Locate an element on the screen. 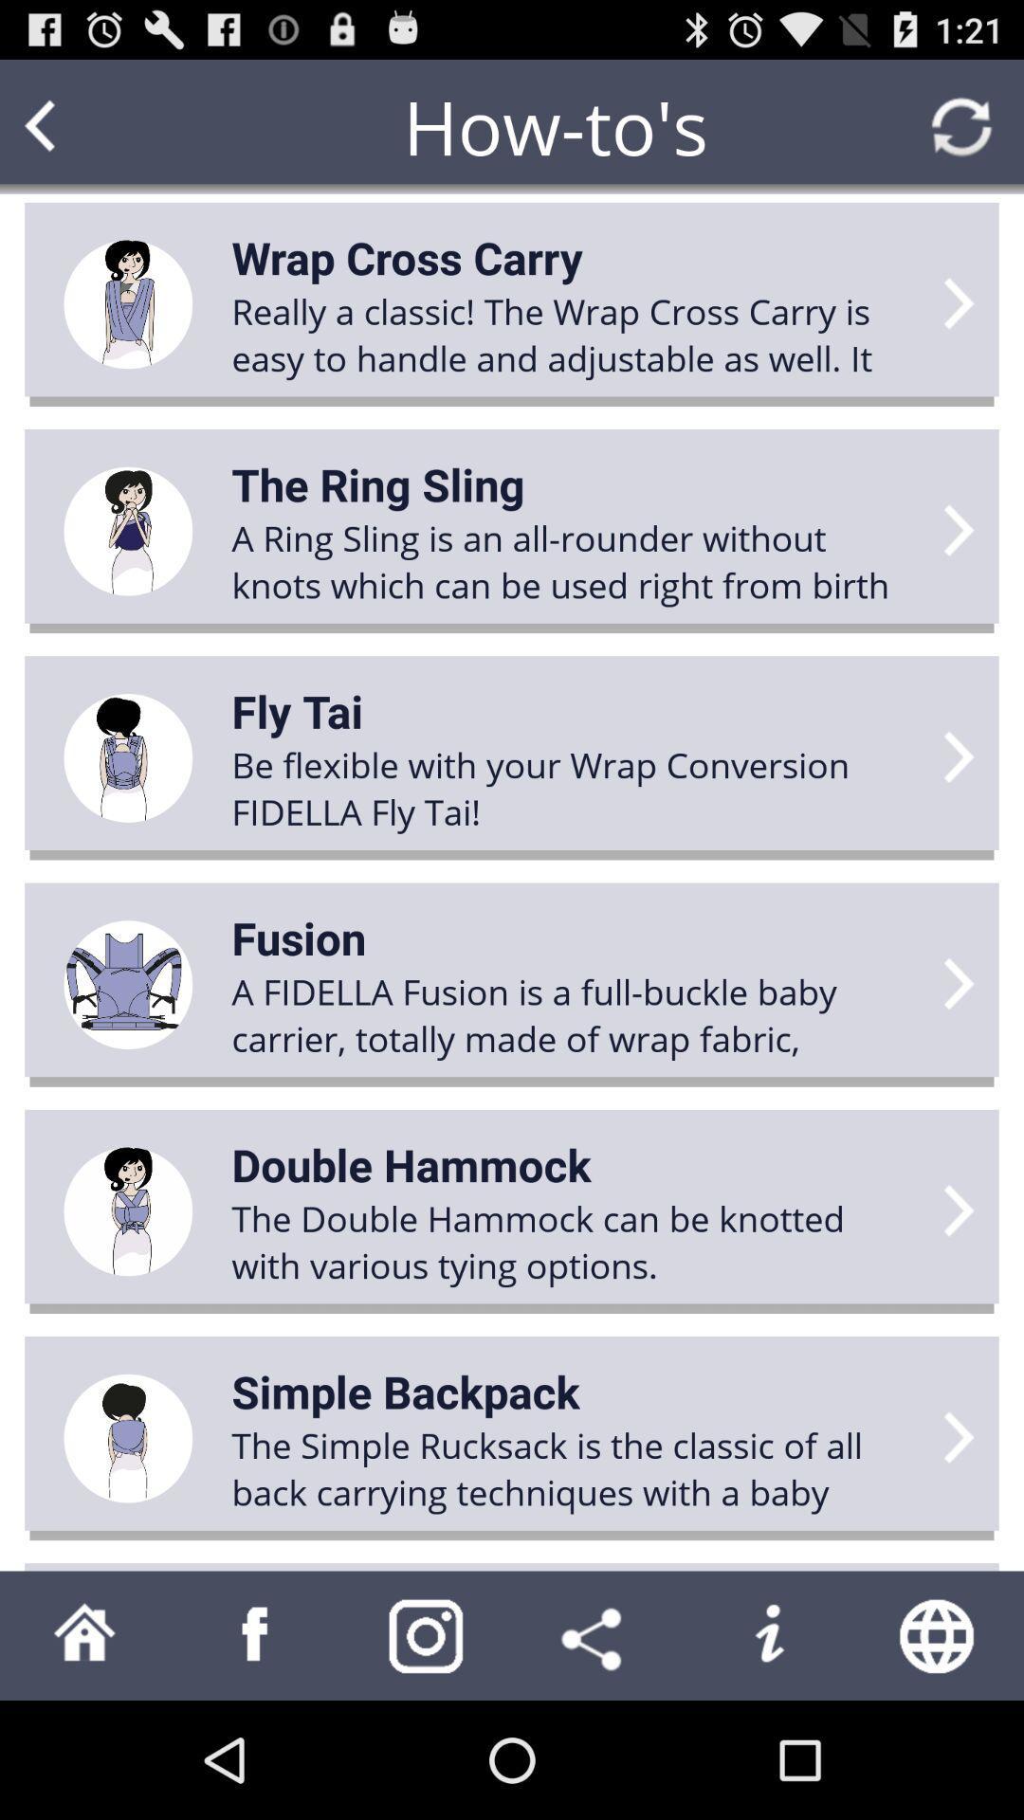 The width and height of the screenshot is (1024, 1820). back to home is located at coordinates (83, 1634).